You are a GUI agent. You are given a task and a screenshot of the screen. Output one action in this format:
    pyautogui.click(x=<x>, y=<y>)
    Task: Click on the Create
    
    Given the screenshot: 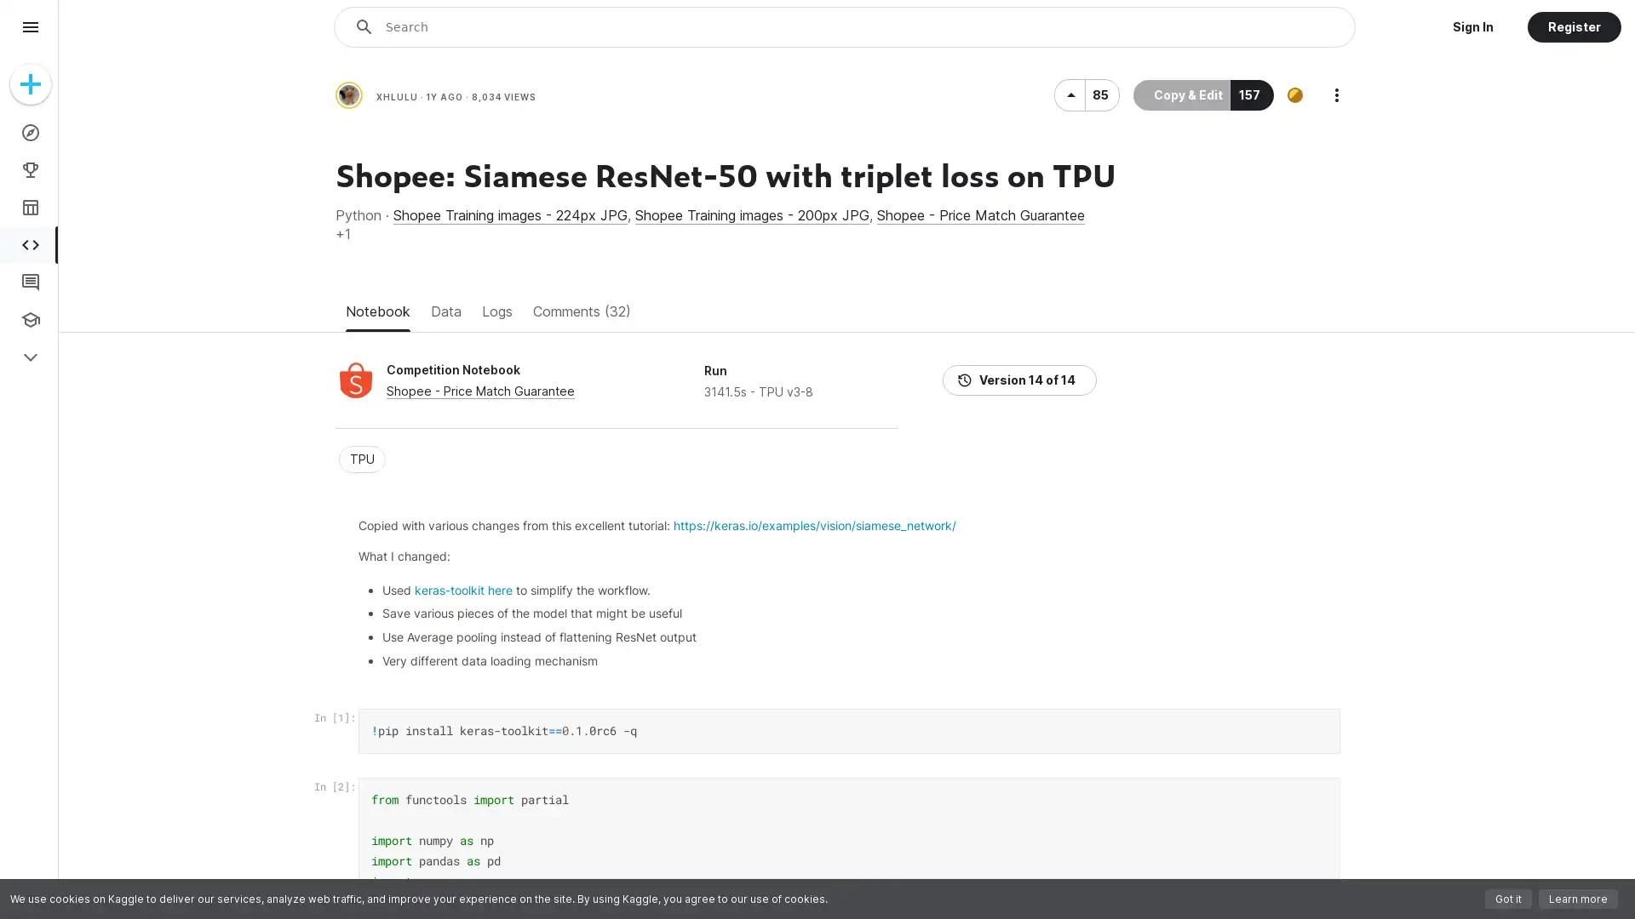 What is the action you would take?
    pyautogui.click(x=30, y=84)
    